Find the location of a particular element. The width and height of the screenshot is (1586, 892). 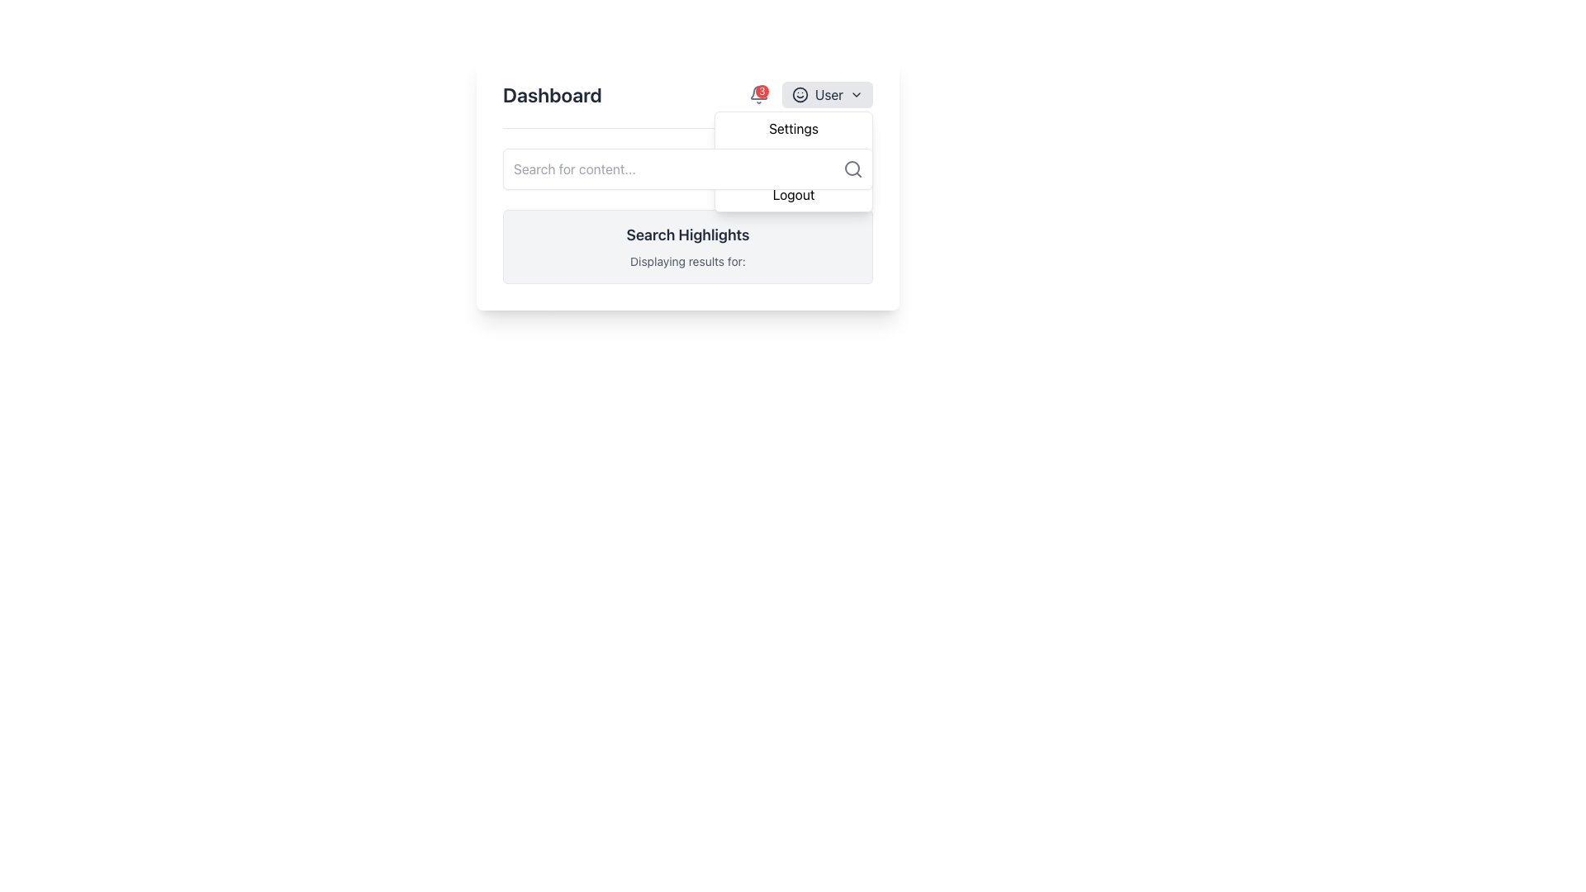

the user profile icon located to the left of the text 'User' in the top navigation bar is located at coordinates (800, 95).